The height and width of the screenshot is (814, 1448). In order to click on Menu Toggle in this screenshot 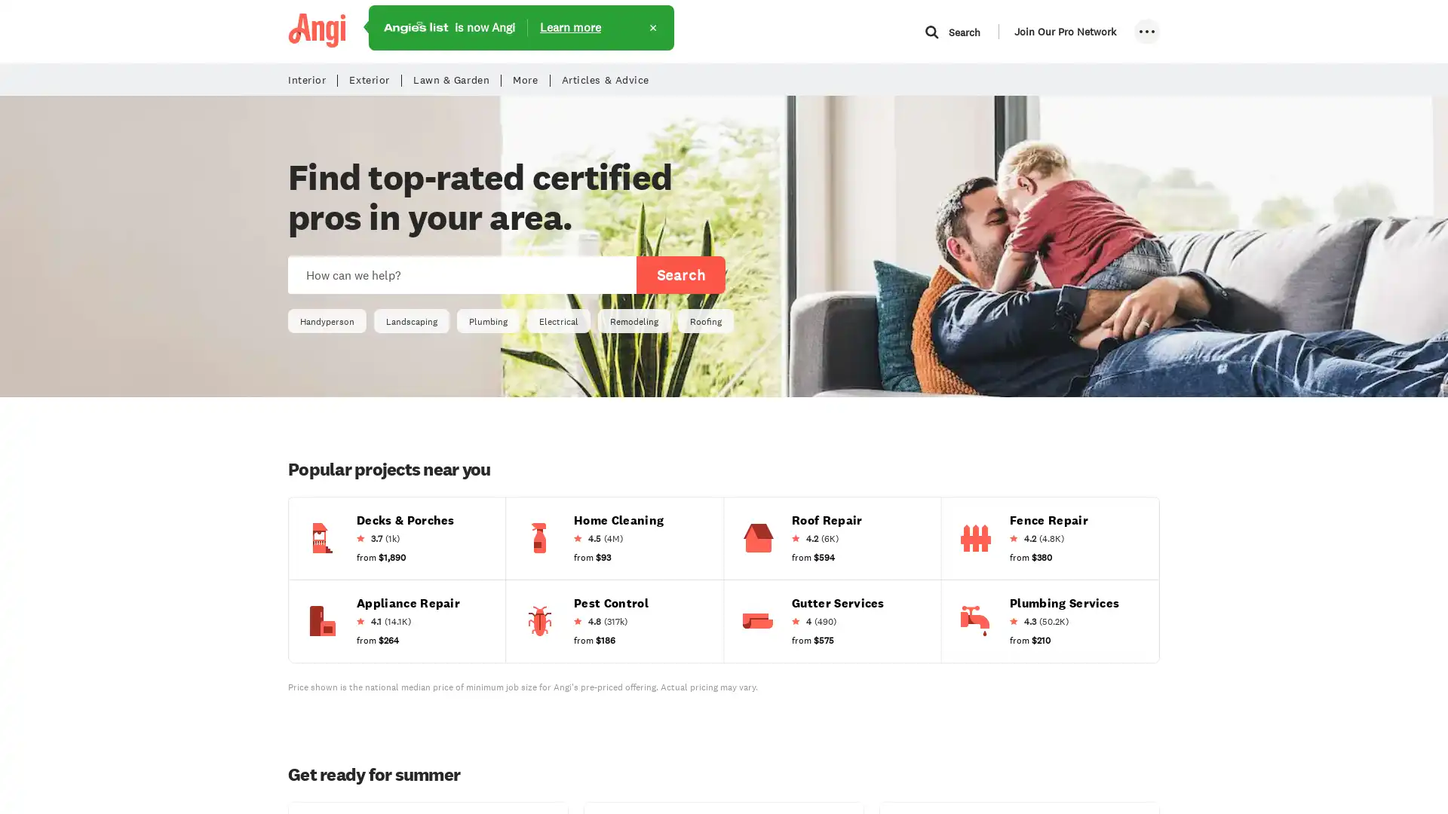, I will do `click(1146, 32)`.